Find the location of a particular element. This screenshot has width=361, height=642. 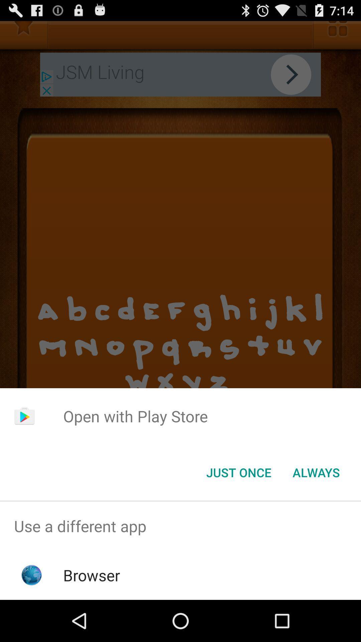

icon below open with play is located at coordinates (238, 472).